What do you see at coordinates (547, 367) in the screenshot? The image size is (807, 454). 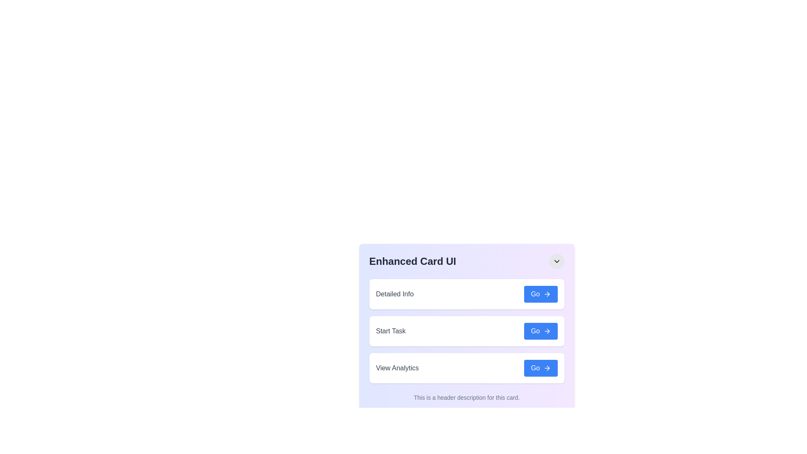 I see `the right-pointing arrow icon within the blue 'Go' button located on the 'View Analytics' line of the card to proceed to the next step` at bounding box center [547, 367].